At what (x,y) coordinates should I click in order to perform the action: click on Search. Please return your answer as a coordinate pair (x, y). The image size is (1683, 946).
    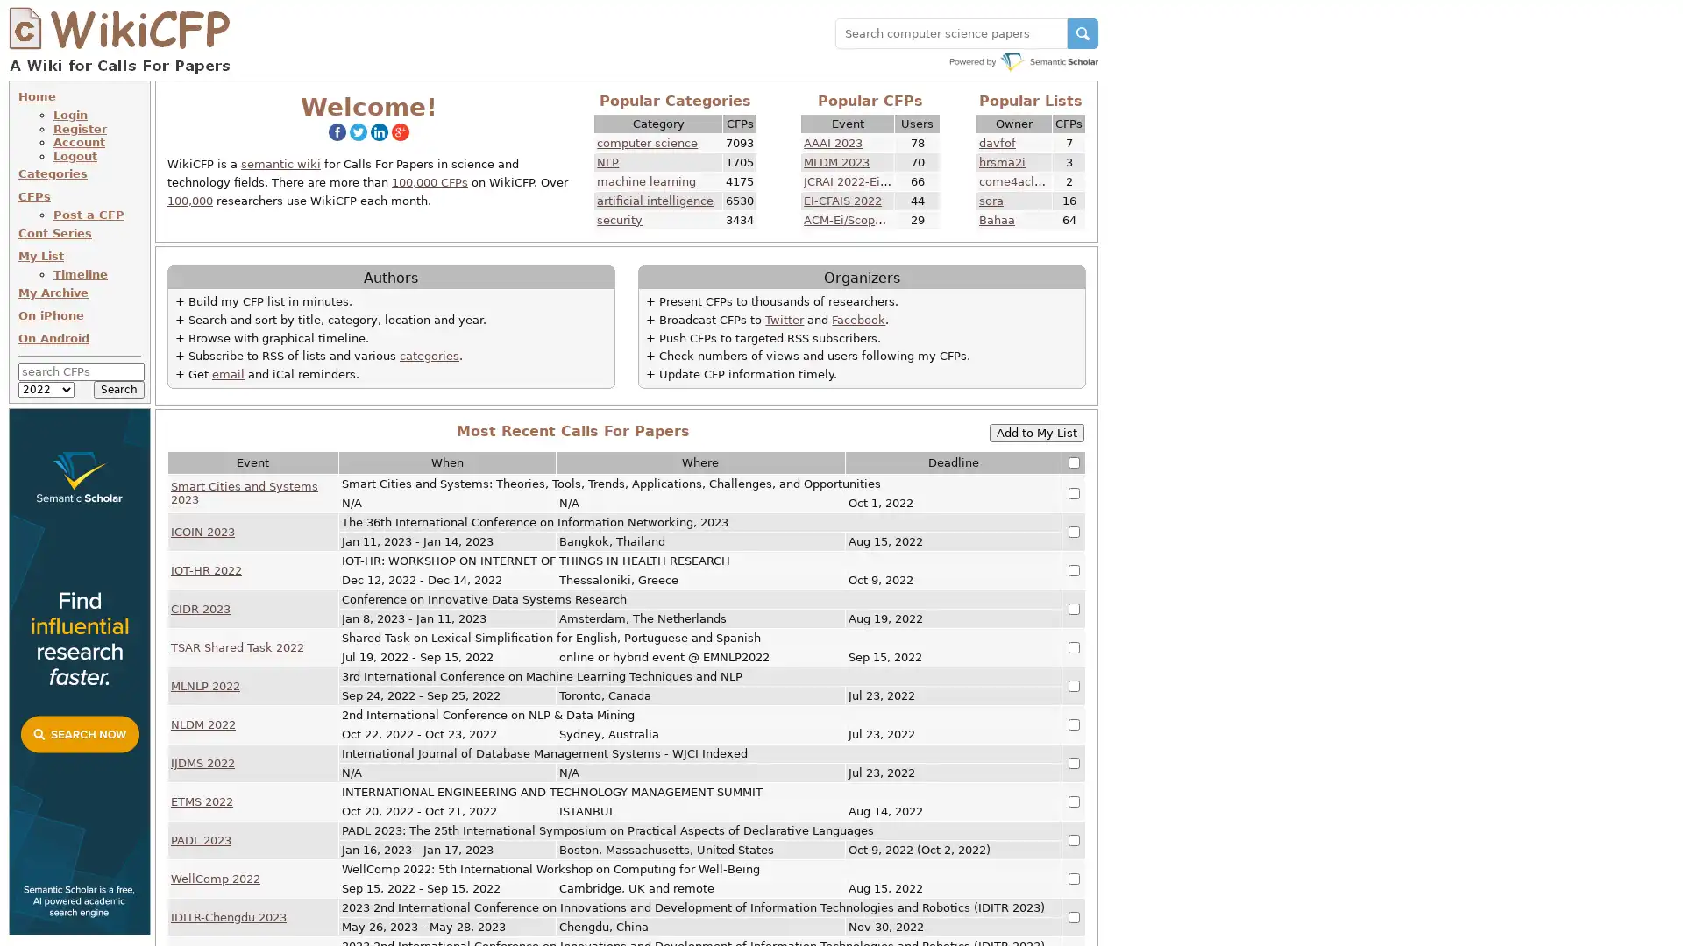
    Looking at the image, I should click on (117, 387).